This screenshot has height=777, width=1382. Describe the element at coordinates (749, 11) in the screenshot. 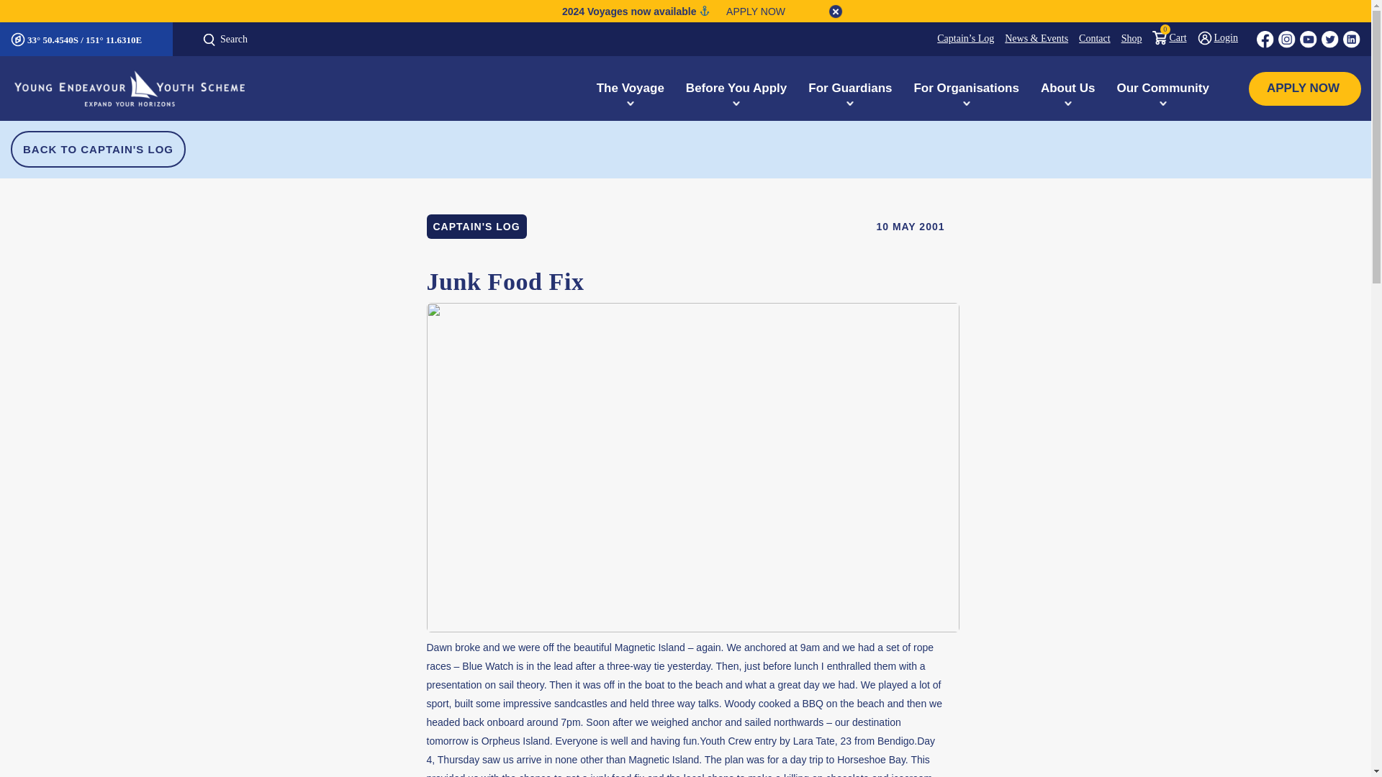

I see `'    APPLY NOW'` at that location.